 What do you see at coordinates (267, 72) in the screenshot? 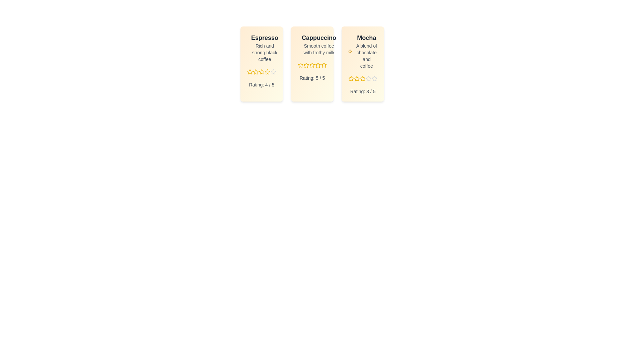
I see `the rating for a menu item to 4 stars by clicking on the corresponding star` at bounding box center [267, 72].